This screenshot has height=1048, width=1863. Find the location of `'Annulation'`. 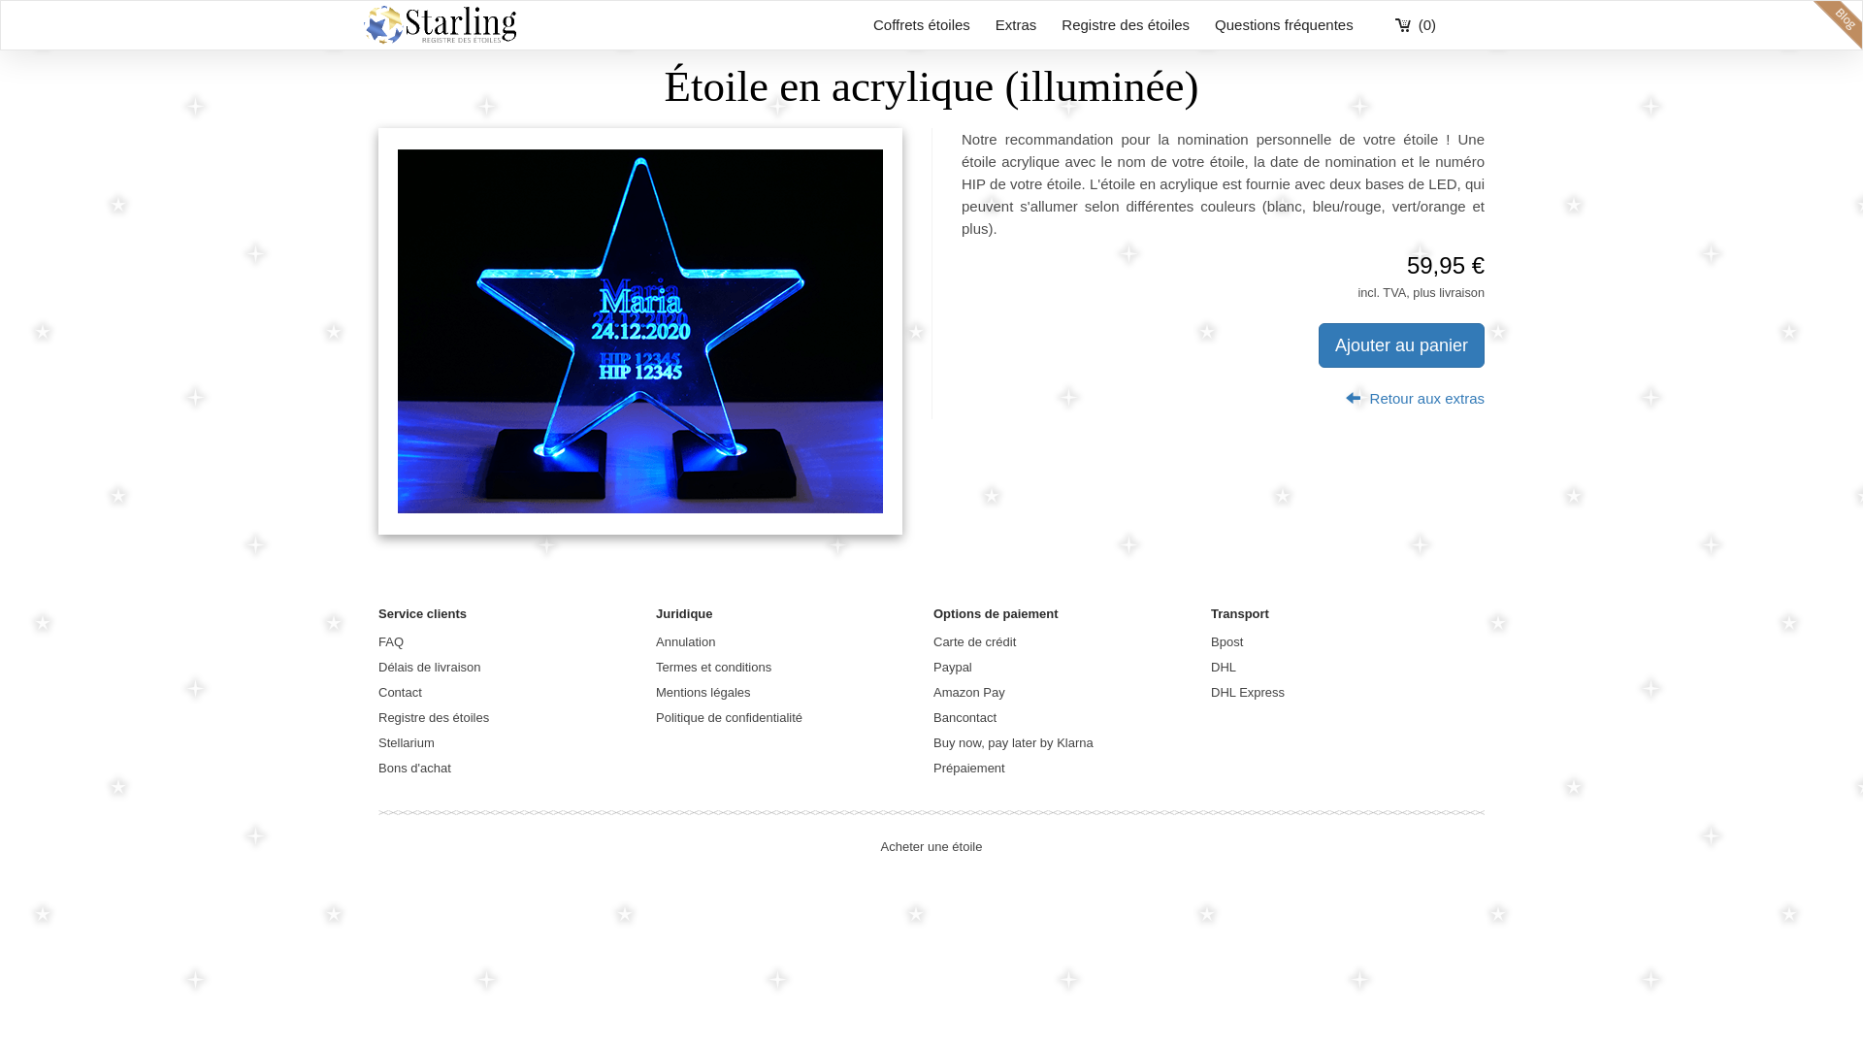

'Annulation' is located at coordinates (685, 641).